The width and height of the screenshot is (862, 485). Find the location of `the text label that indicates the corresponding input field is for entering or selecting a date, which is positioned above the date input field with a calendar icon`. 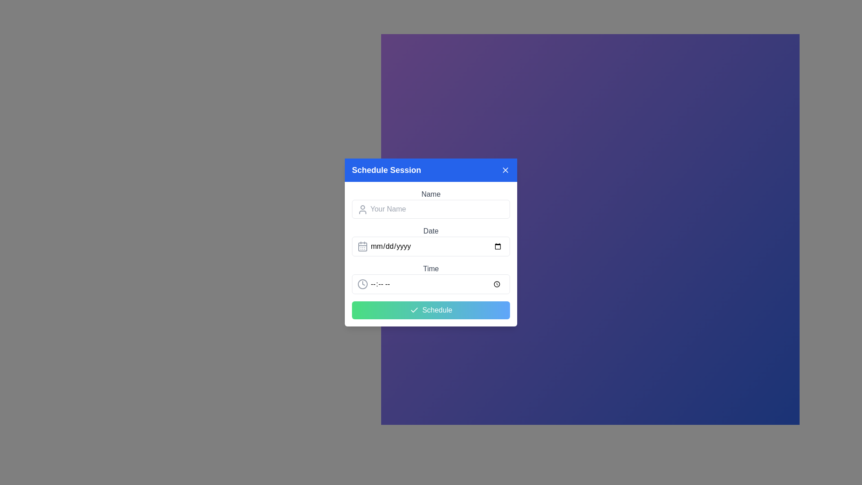

the text label that indicates the corresponding input field is for entering or selecting a date, which is positioned above the date input field with a calendar icon is located at coordinates (431, 231).